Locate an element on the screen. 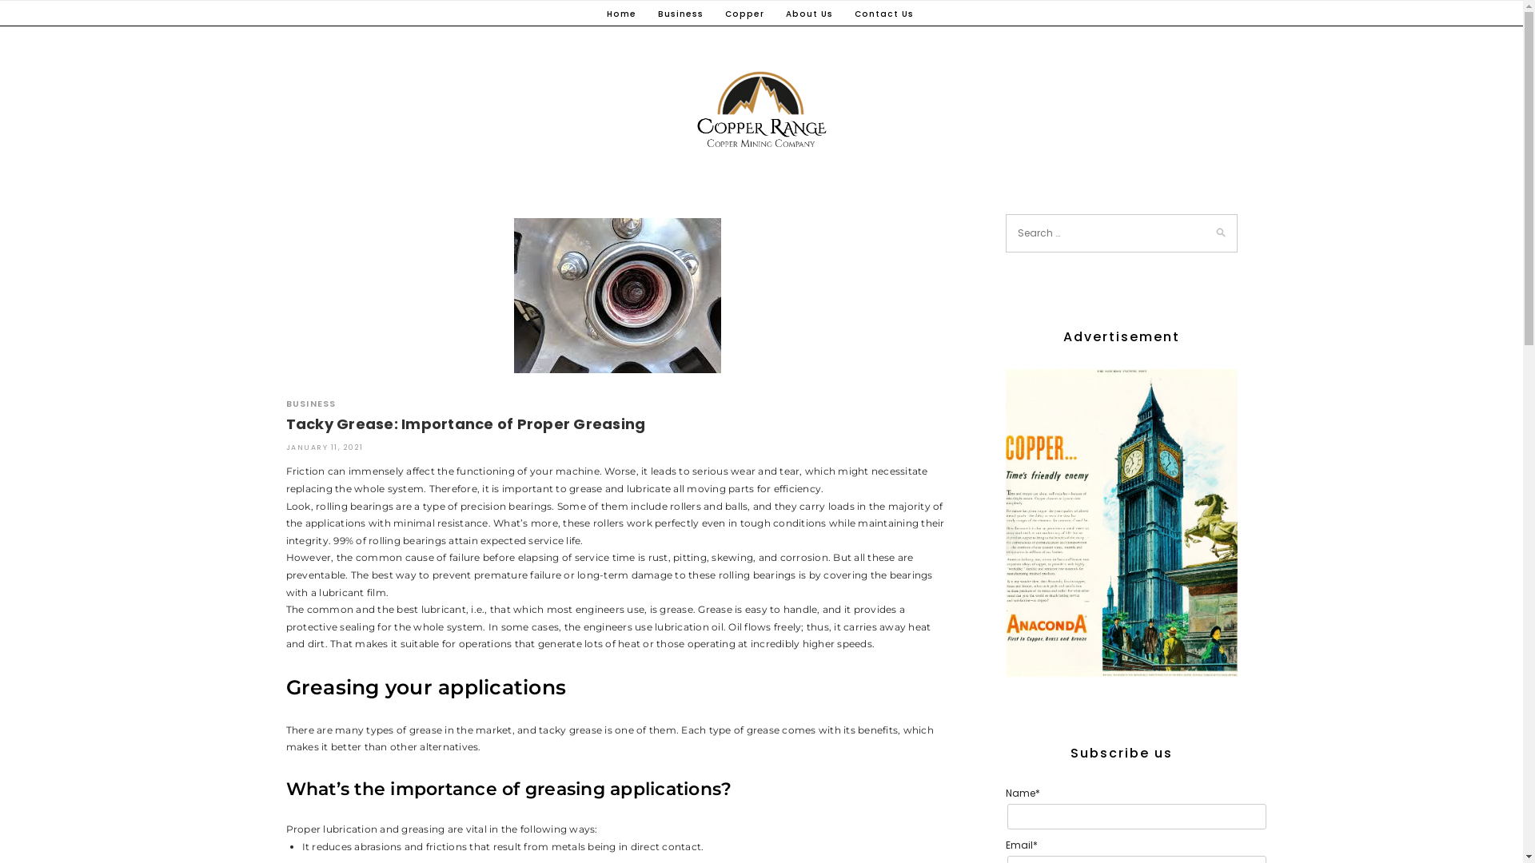  'BUSINESS' is located at coordinates (311, 403).